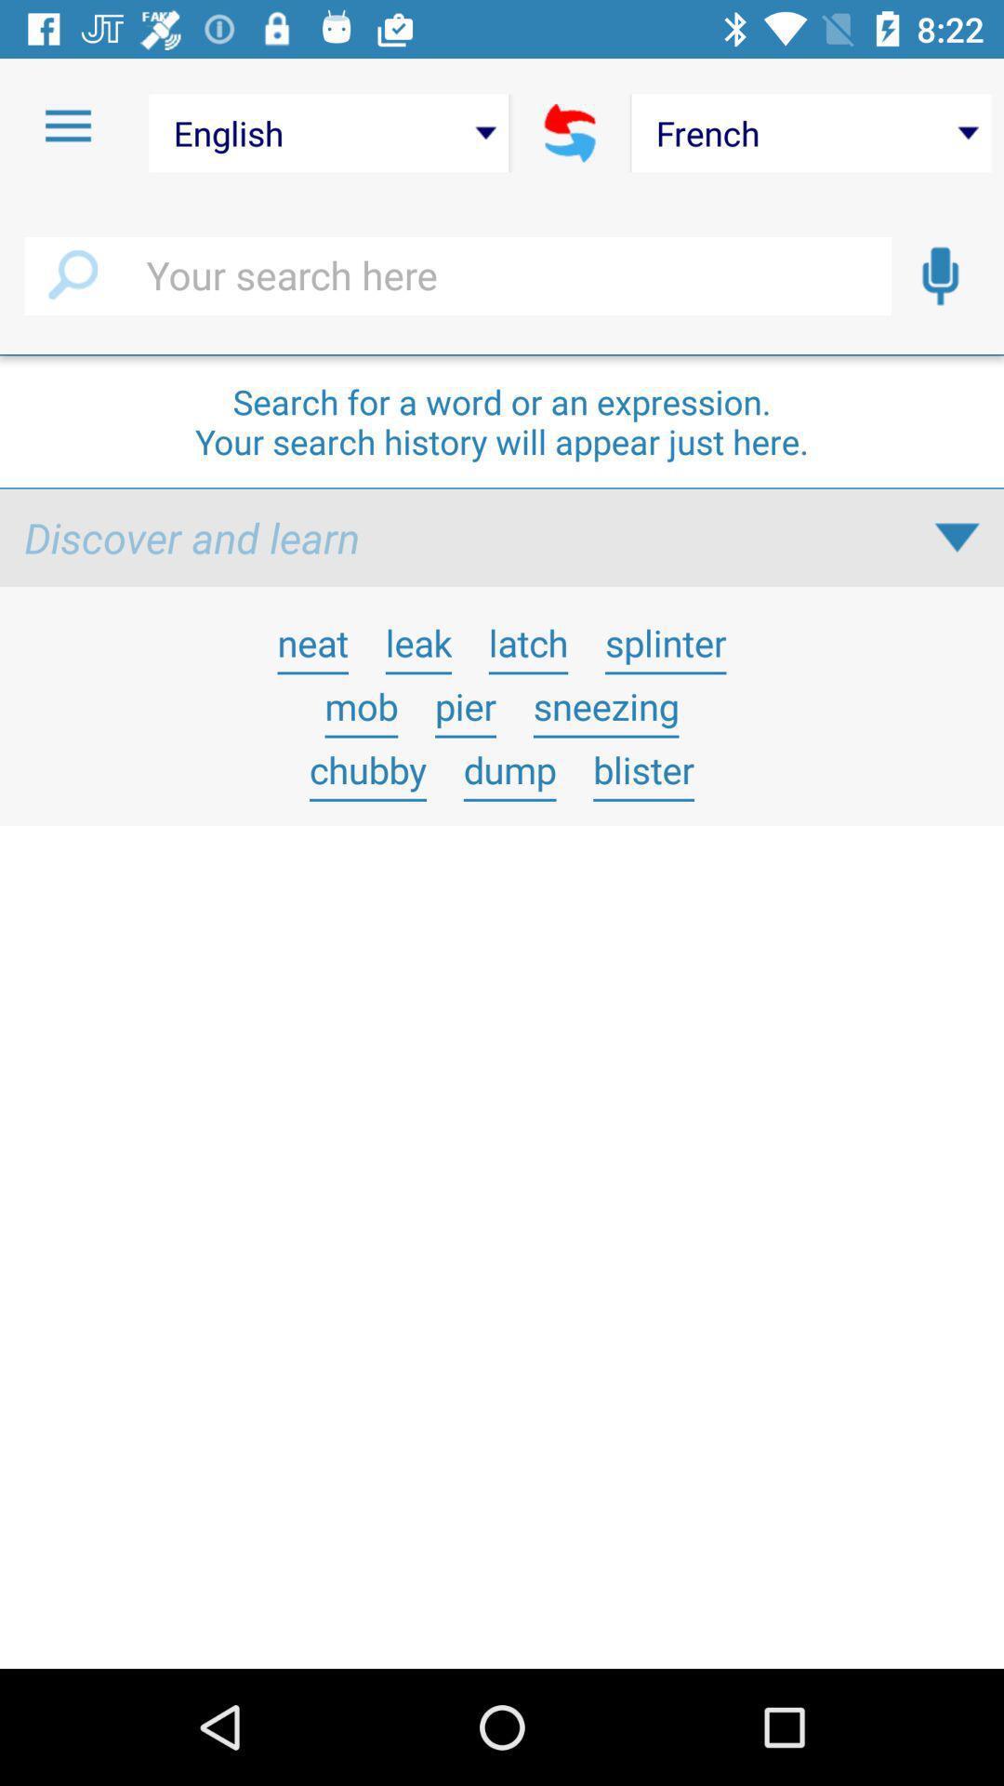 The image size is (1004, 1786). What do you see at coordinates (328, 132) in the screenshot?
I see `the english` at bounding box center [328, 132].